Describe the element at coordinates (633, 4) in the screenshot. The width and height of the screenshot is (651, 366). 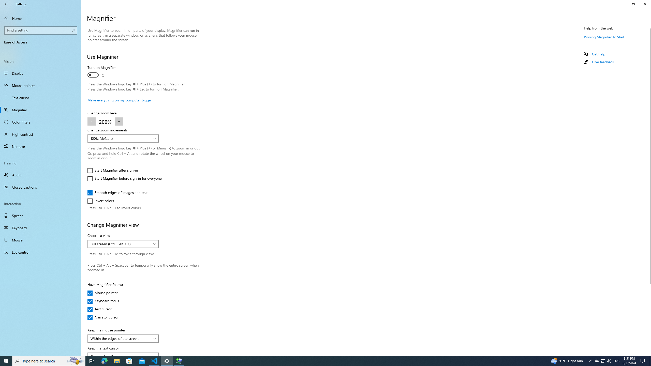
I see `'Restore Settings'` at that location.